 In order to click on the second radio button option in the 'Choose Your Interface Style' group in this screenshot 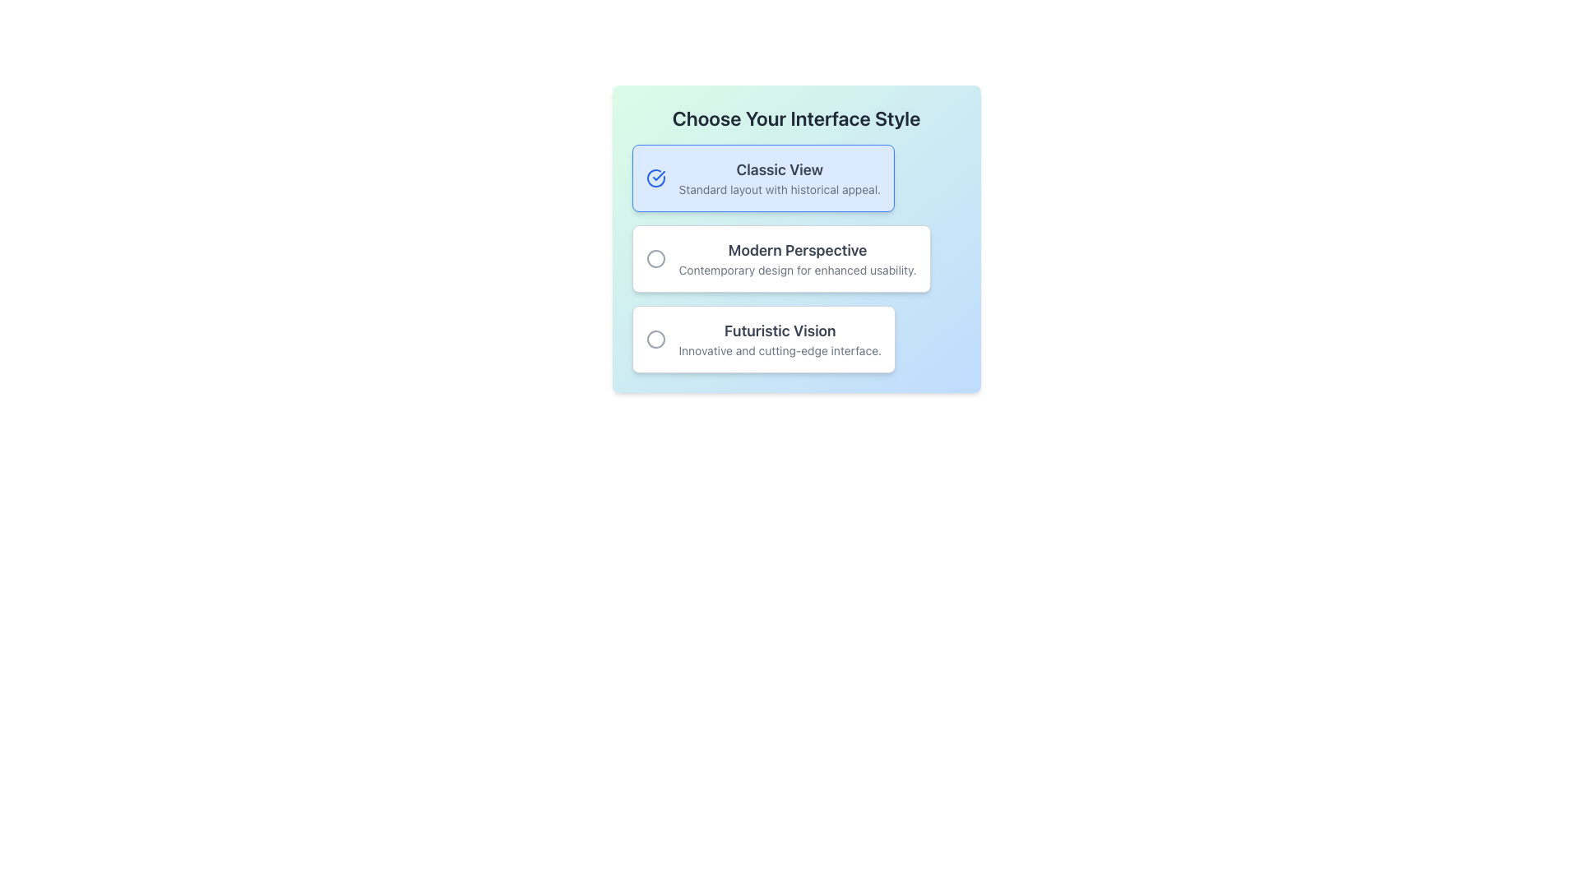, I will do `click(796, 259)`.